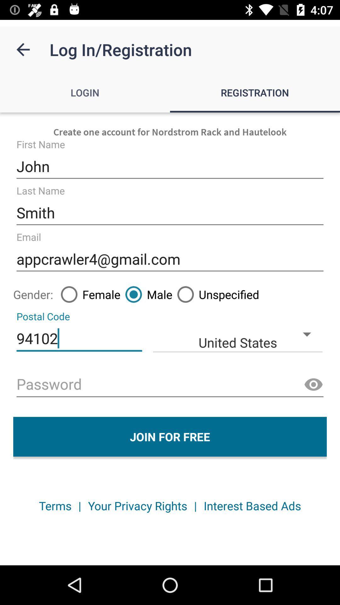 The image size is (340, 605). Describe the element at coordinates (170, 384) in the screenshot. I see `open keyboard` at that location.